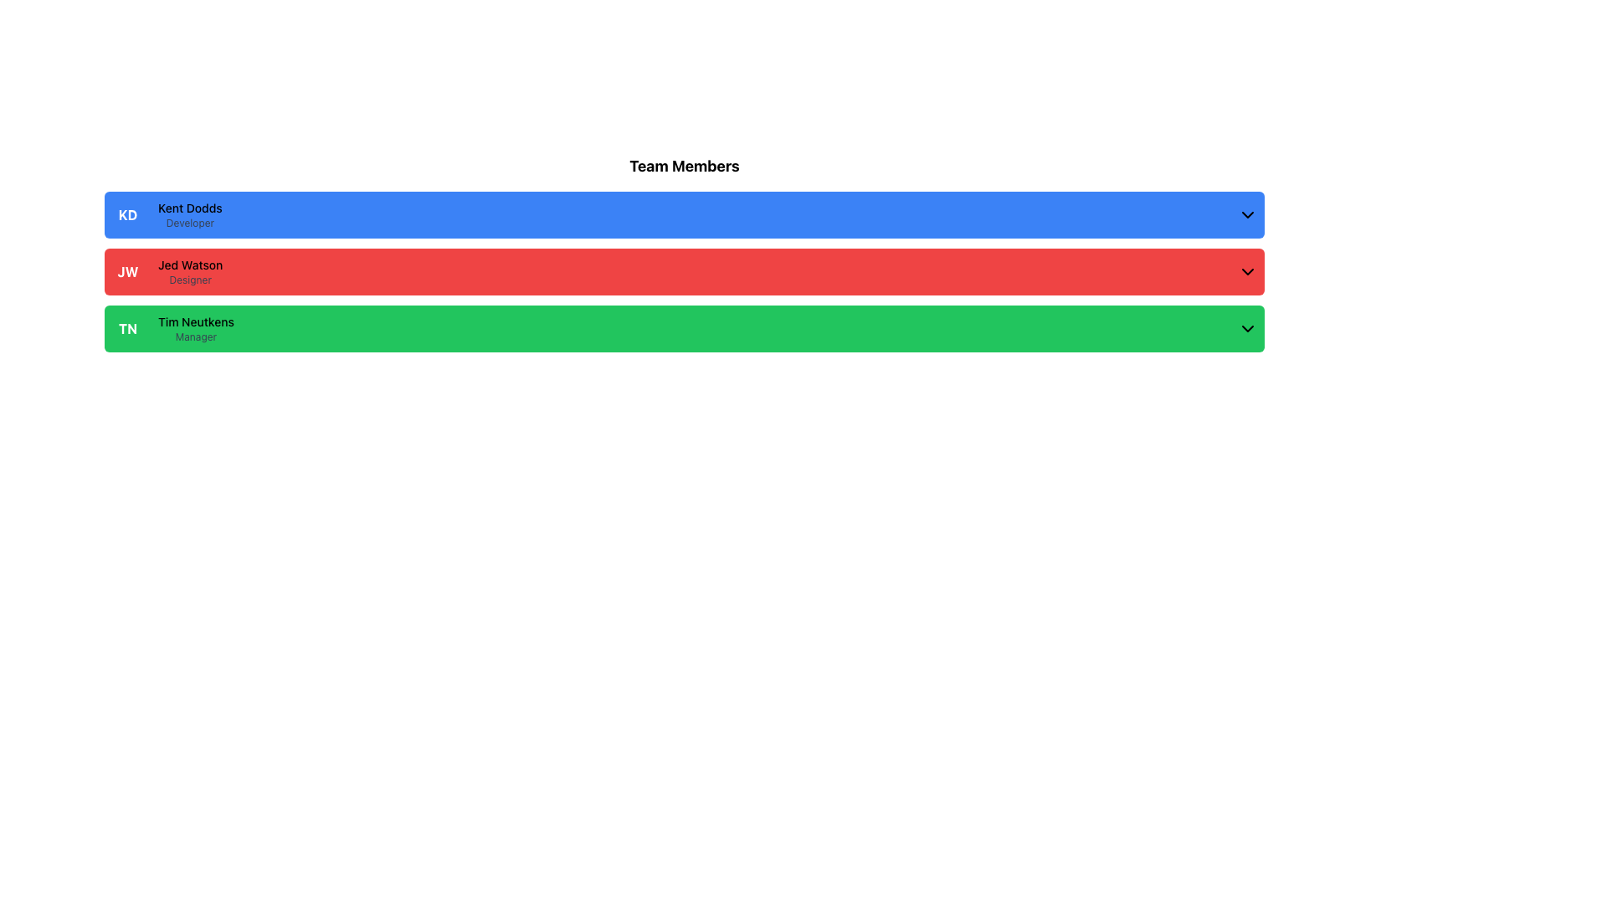 Image resolution: width=1607 pixels, height=904 pixels. Describe the element at coordinates (684, 270) in the screenshot. I see `the second interactive list item, which is a red rectangular panel with rounded corners, featuring a circular badge with 'JW' on the left and a downward-facing triangle icon on the right` at that location.